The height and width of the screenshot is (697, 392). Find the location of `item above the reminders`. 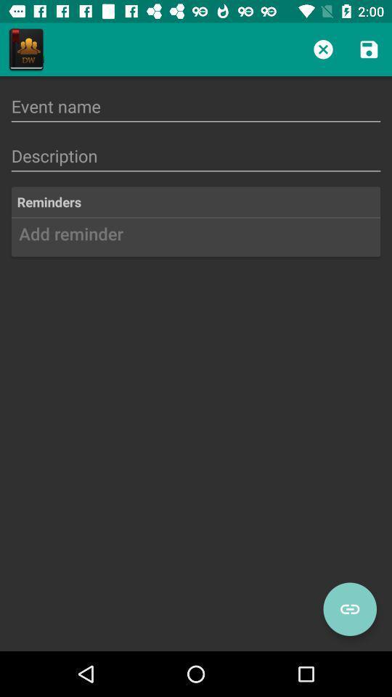

item above the reminders is located at coordinates (196, 156).